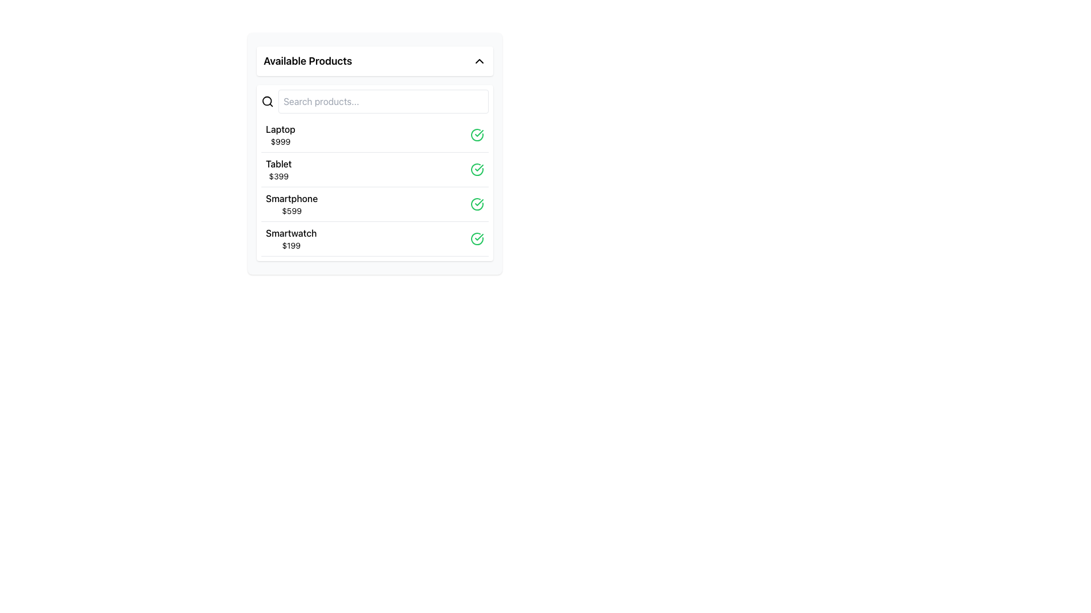 The width and height of the screenshot is (1091, 613). Describe the element at coordinates (266, 100) in the screenshot. I see `the circular iconic decoration representing the search functionality, located near the search box to the left of the input field labeled 'Search products...'` at that location.